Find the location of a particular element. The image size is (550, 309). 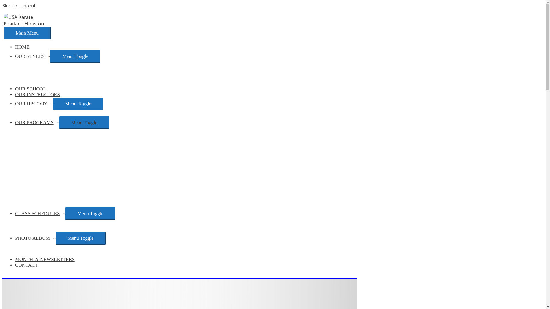

'OUR SCHOOL' is located at coordinates (30, 89).